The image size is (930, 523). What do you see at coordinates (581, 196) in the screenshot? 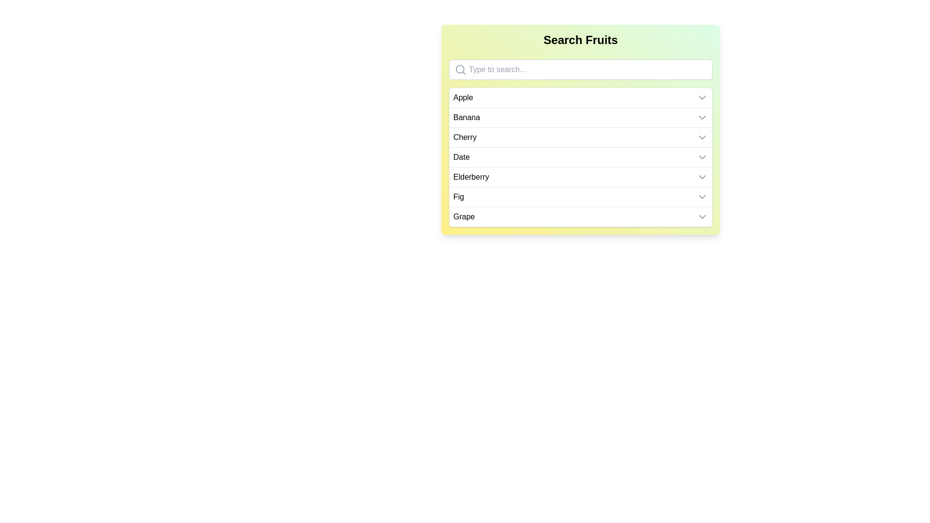
I see `the sixth item in the 'Search Fruits' list, which is located directly below 'Elderberry' and above 'Grape'` at bounding box center [581, 196].